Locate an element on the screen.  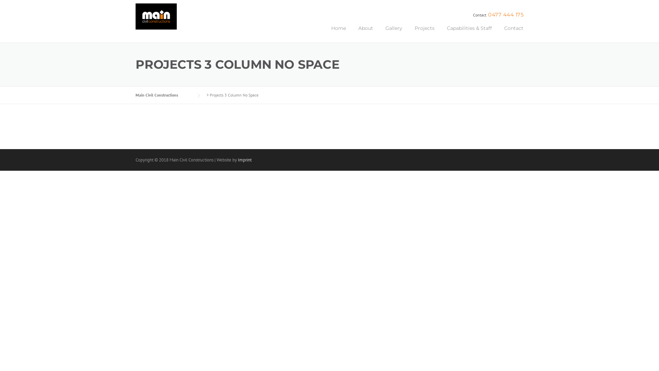
'About' is located at coordinates (365, 33).